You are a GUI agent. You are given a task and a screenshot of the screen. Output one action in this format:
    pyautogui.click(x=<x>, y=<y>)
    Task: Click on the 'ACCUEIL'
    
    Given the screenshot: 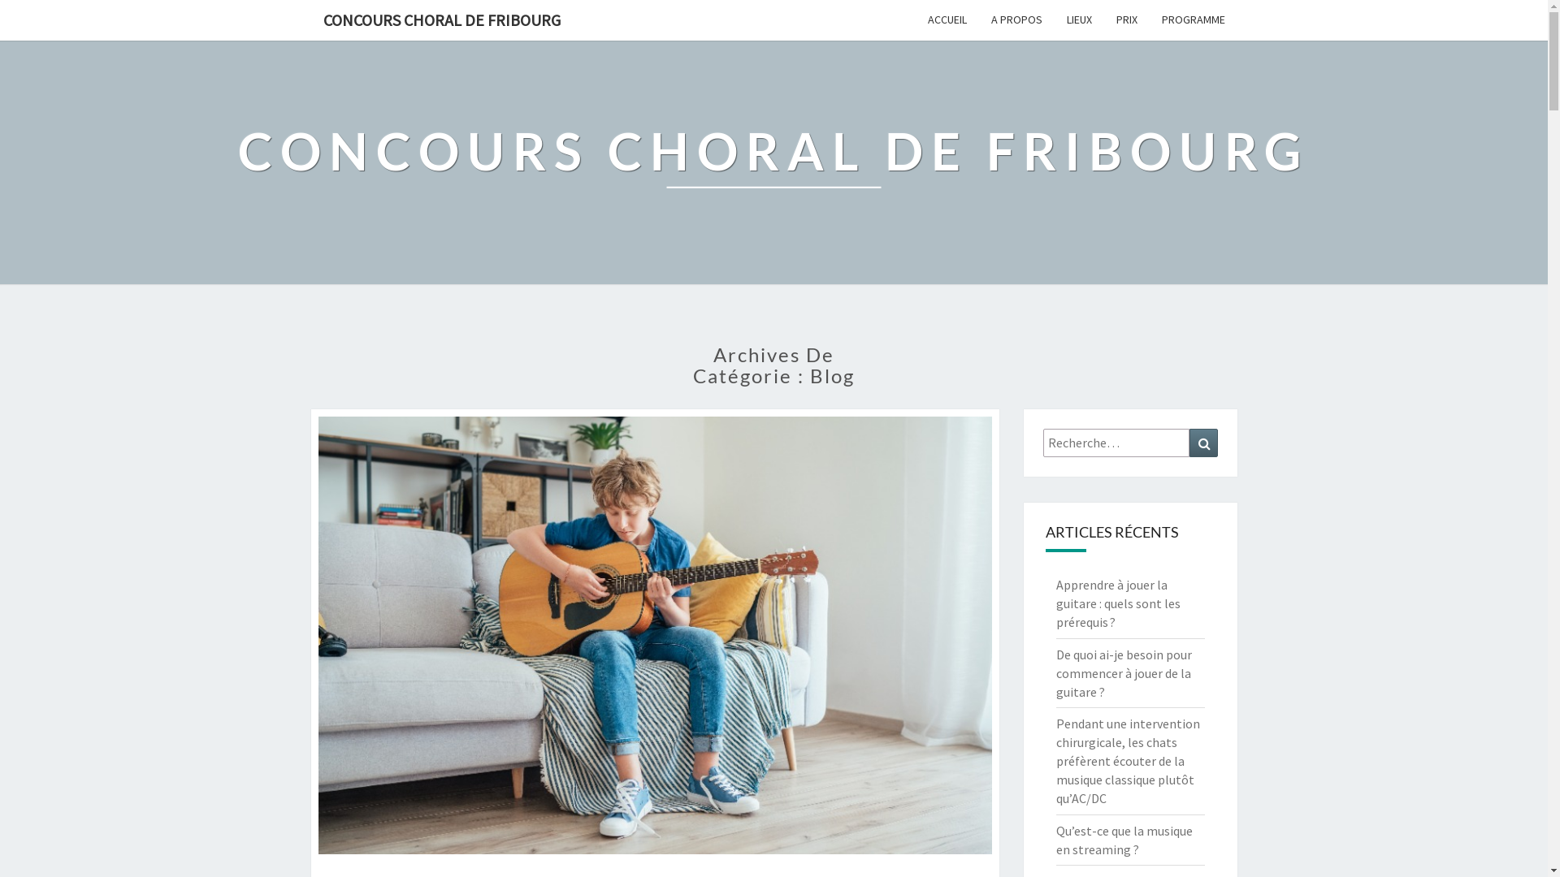 What is the action you would take?
    pyautogui.click(x=947, y=19)
    